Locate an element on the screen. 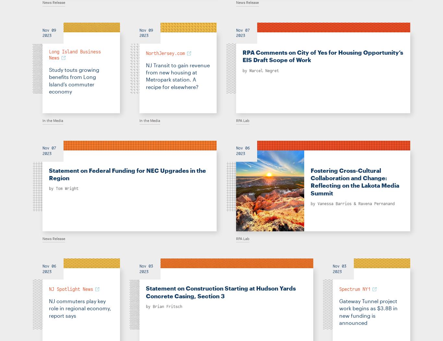 The height and width of the screenshot is (341, 443). 'RPA Comments on City of Yes for Housing Opportunity’s EIS Draft Scope of Work' is located at coordinates (322, 55).